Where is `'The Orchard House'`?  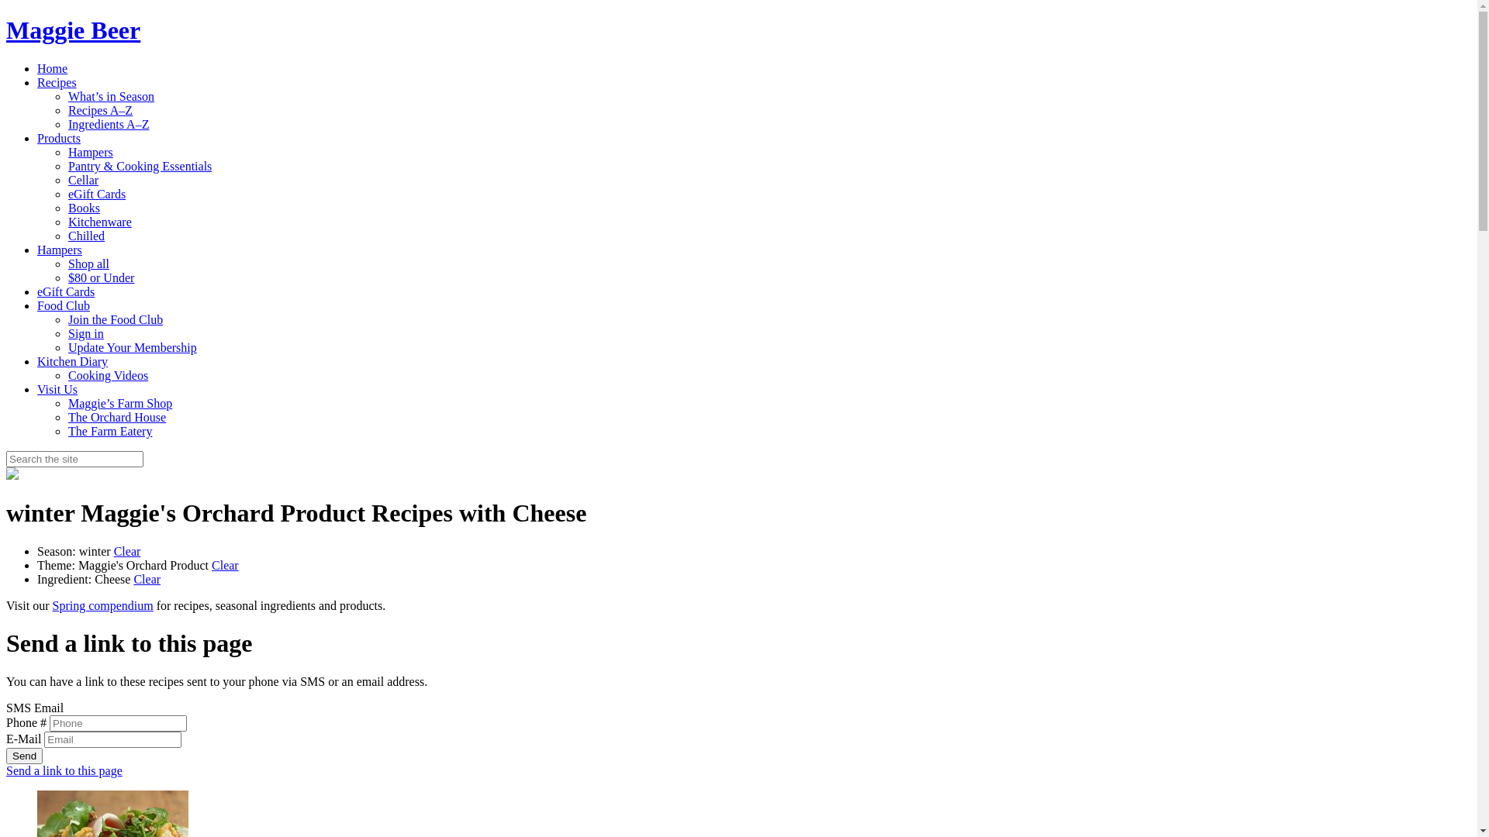
'The Orchard House' is located at coordinates (116, 416).